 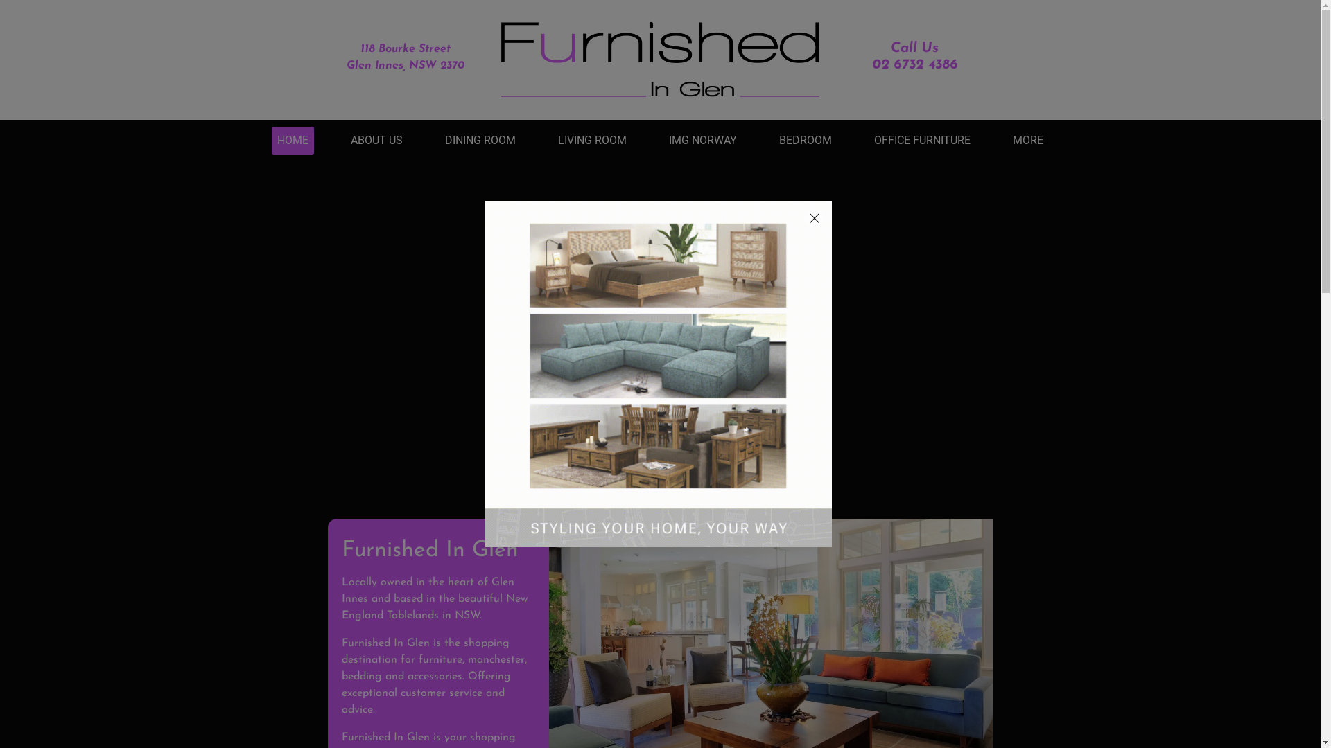 What do you see at coordinates (445, 141) in the screenshot?
I see `'DINING ROOM'` at bounding box center [445, 141].